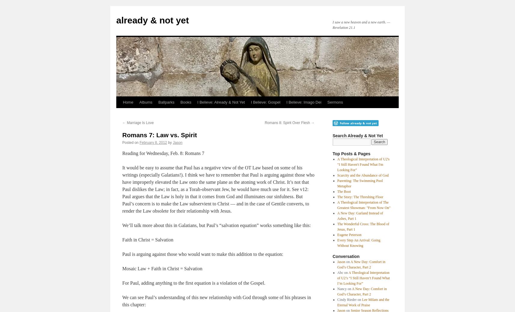  What do you see at coordinates (122, 153) in the screenshot?
I see `'Reading for Wednesday, Feb. 8: Romans 7'` at bounding box center [122, 153].